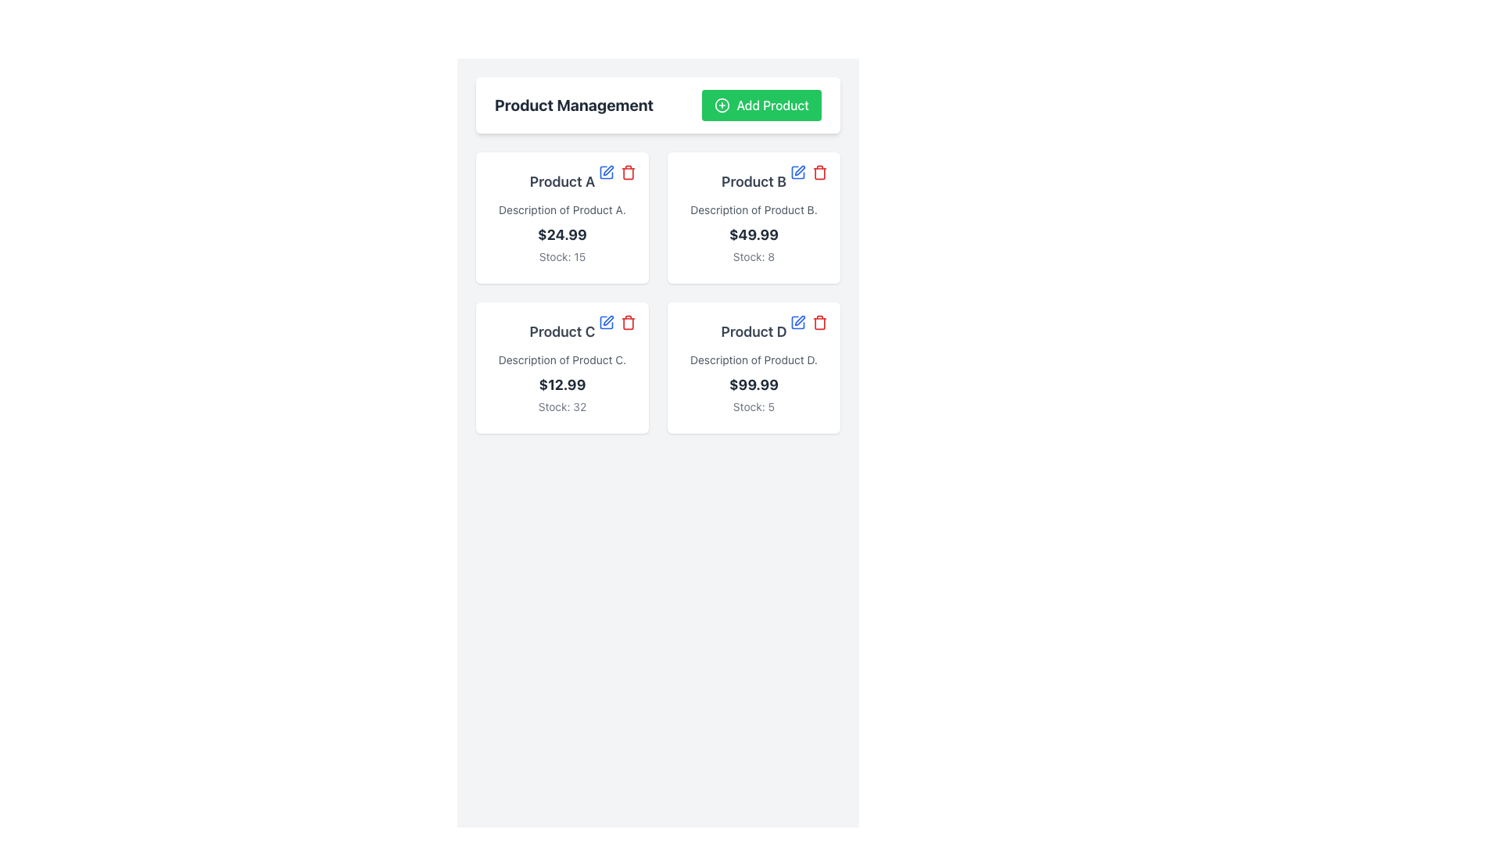  I want to click on the product description text for 'Product A', which is located below the title and above the price in the top-left card of the grid layout, so click(562, 209).